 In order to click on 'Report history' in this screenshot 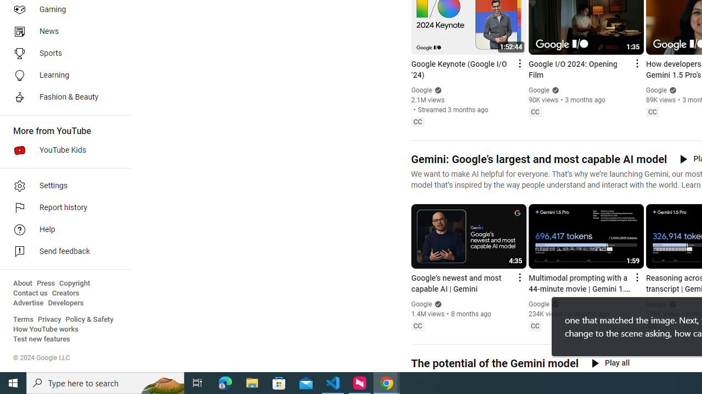, I will do `click(61, 208)`.